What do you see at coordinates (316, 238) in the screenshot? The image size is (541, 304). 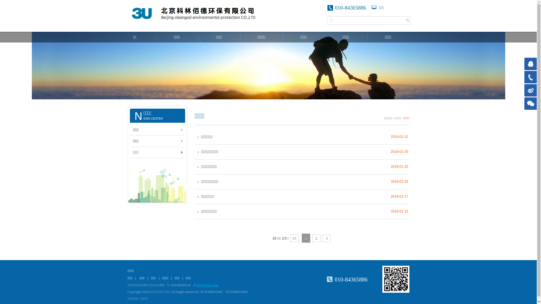 I see `' 2 '` at bounding box center [316, 238].